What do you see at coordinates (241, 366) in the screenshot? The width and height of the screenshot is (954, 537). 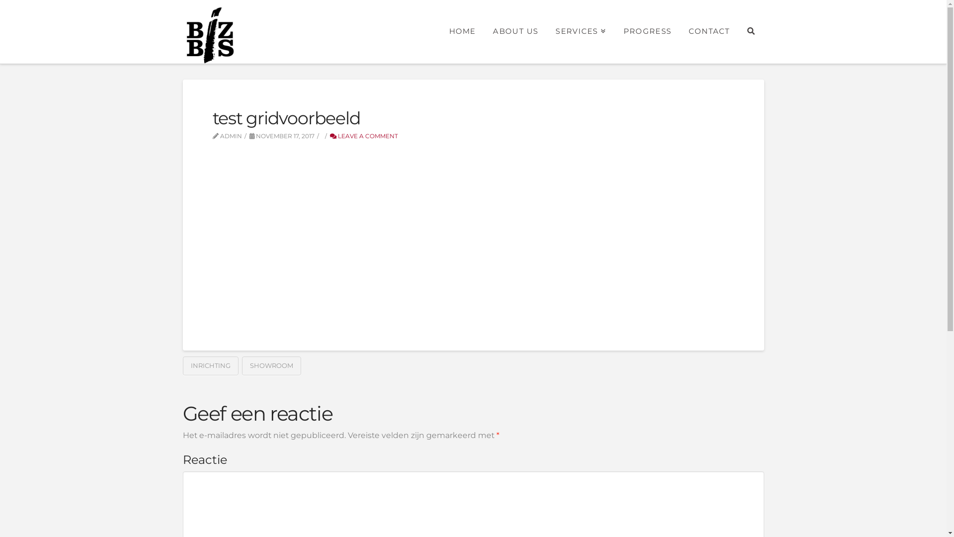 I see `'SHOWROOM'` at bounding box center [241, 366].